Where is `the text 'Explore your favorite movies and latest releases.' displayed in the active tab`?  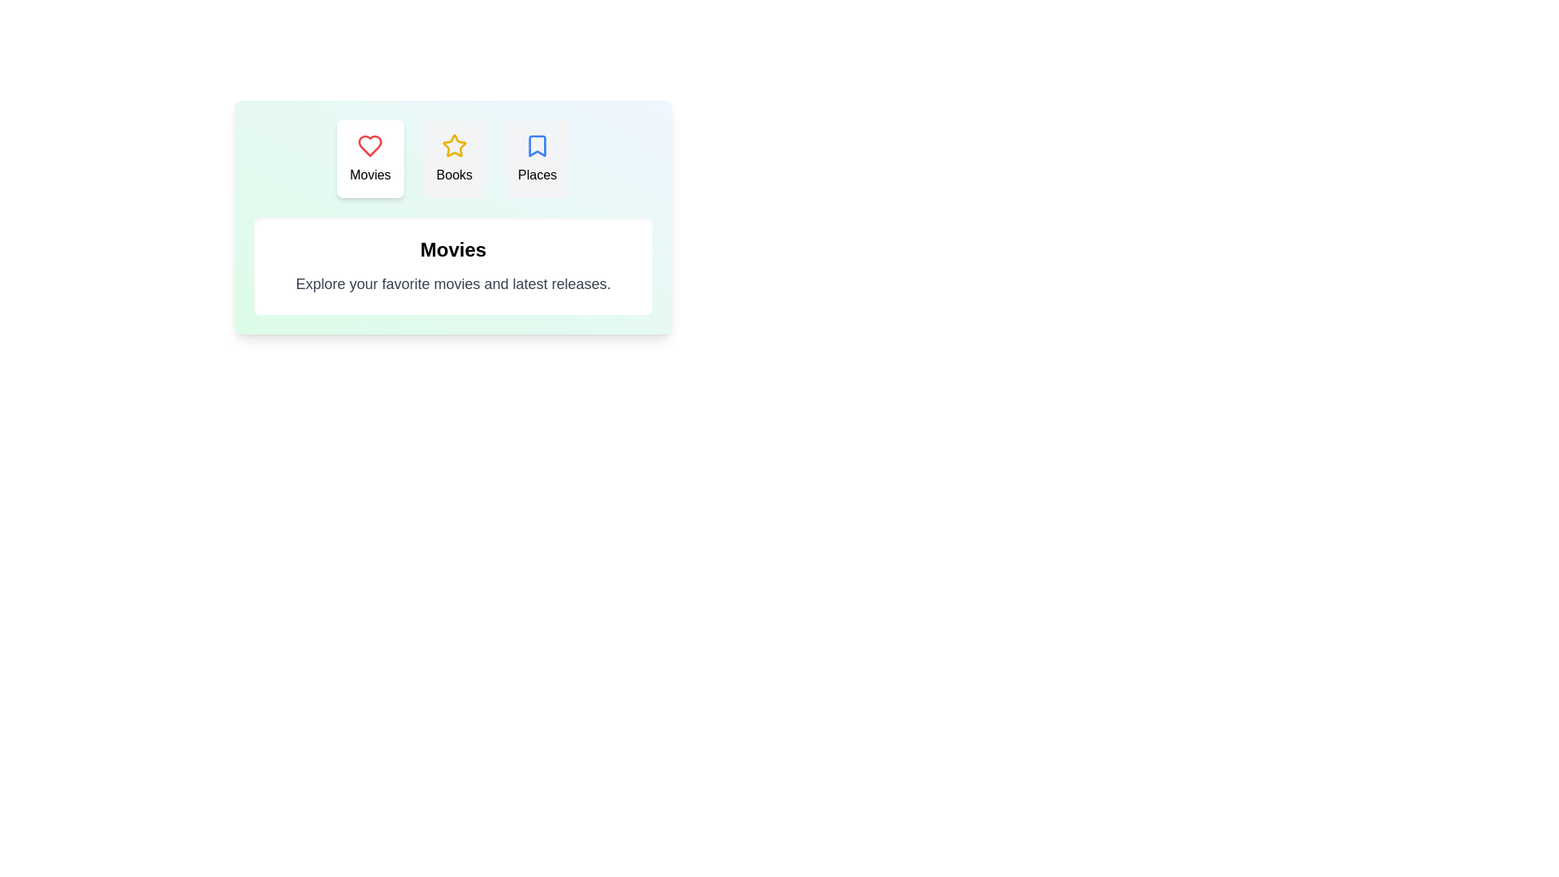 the text 'Explore your favorite movies and latest releases.' displayed in the active tab is located at coordinates (453, 283).